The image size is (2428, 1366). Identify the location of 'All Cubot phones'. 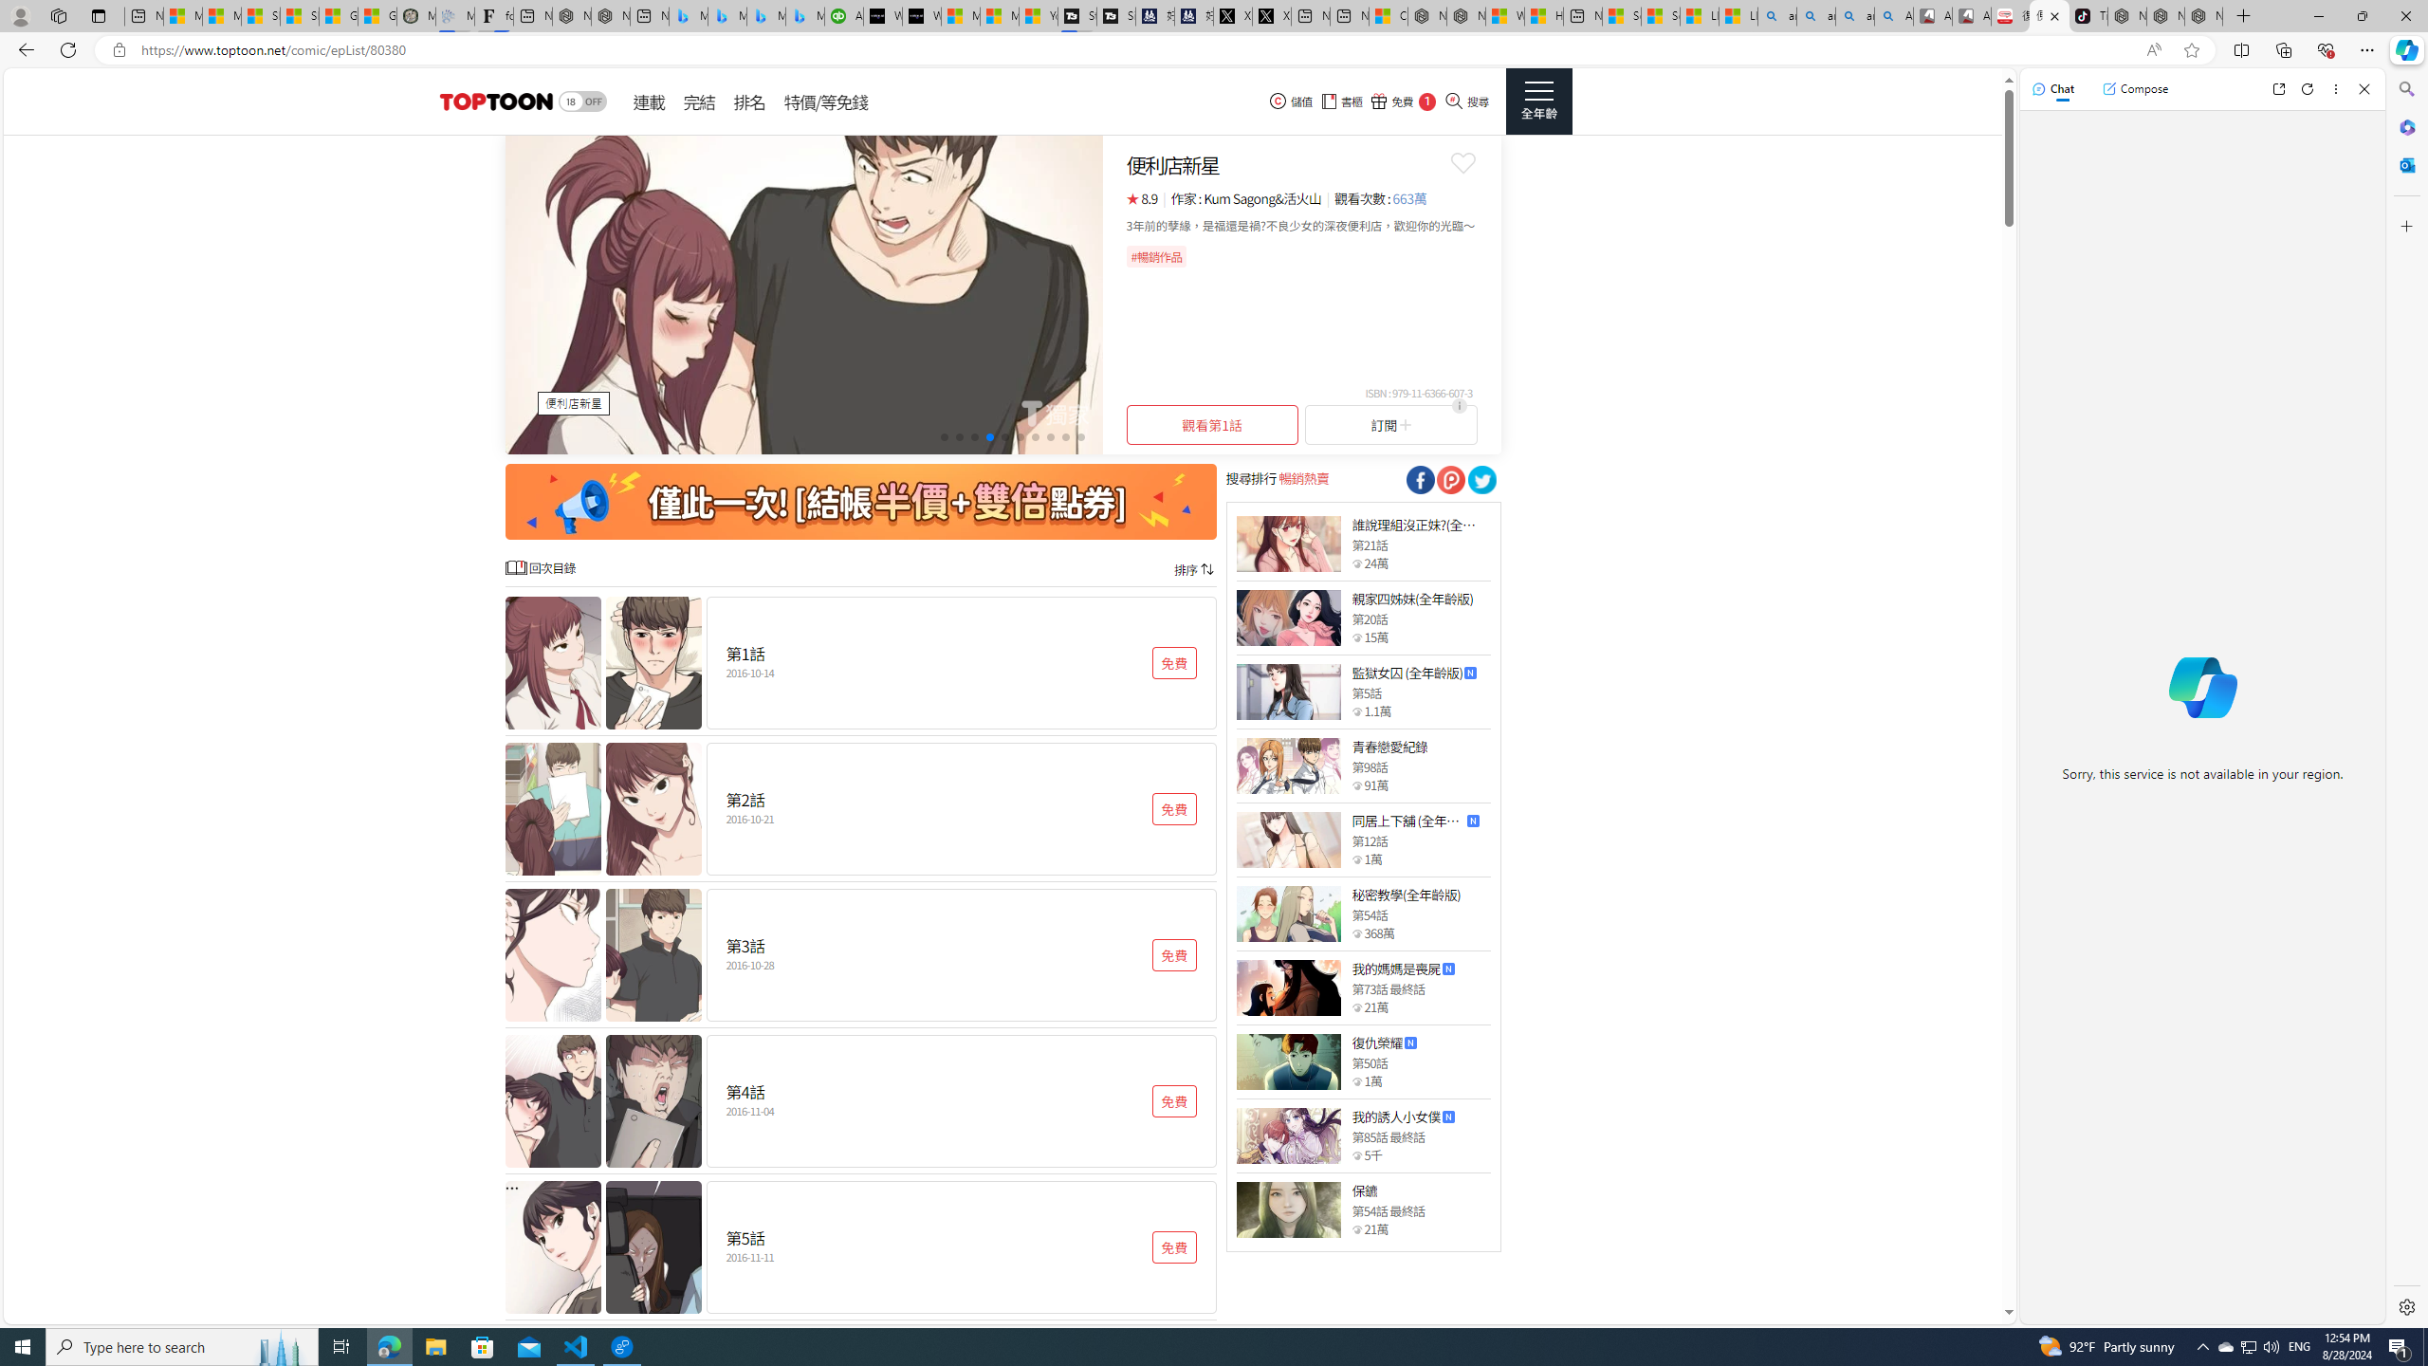
(1971, 15).